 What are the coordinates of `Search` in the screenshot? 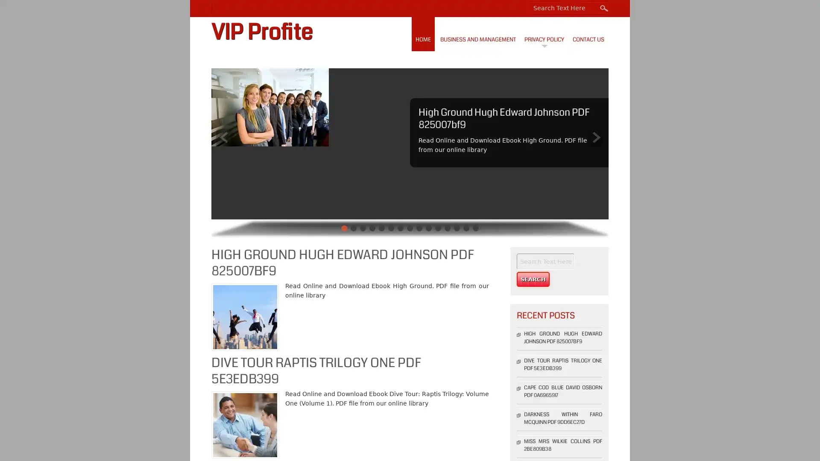 It's located at (533, 279).